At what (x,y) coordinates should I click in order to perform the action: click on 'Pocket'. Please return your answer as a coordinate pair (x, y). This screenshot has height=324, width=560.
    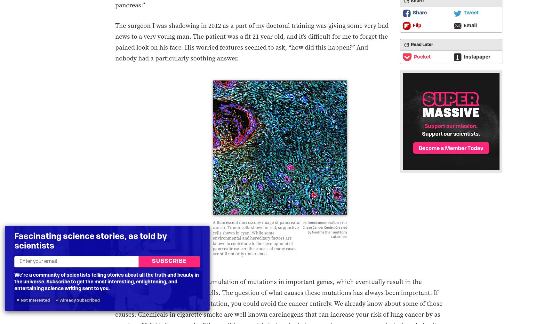
    Looking at the image, I should click on (422, 57).